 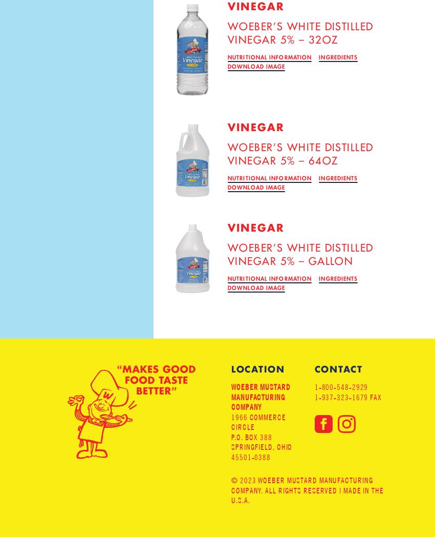 I want to click on 'CONTACT', so click(x=314, y=368).